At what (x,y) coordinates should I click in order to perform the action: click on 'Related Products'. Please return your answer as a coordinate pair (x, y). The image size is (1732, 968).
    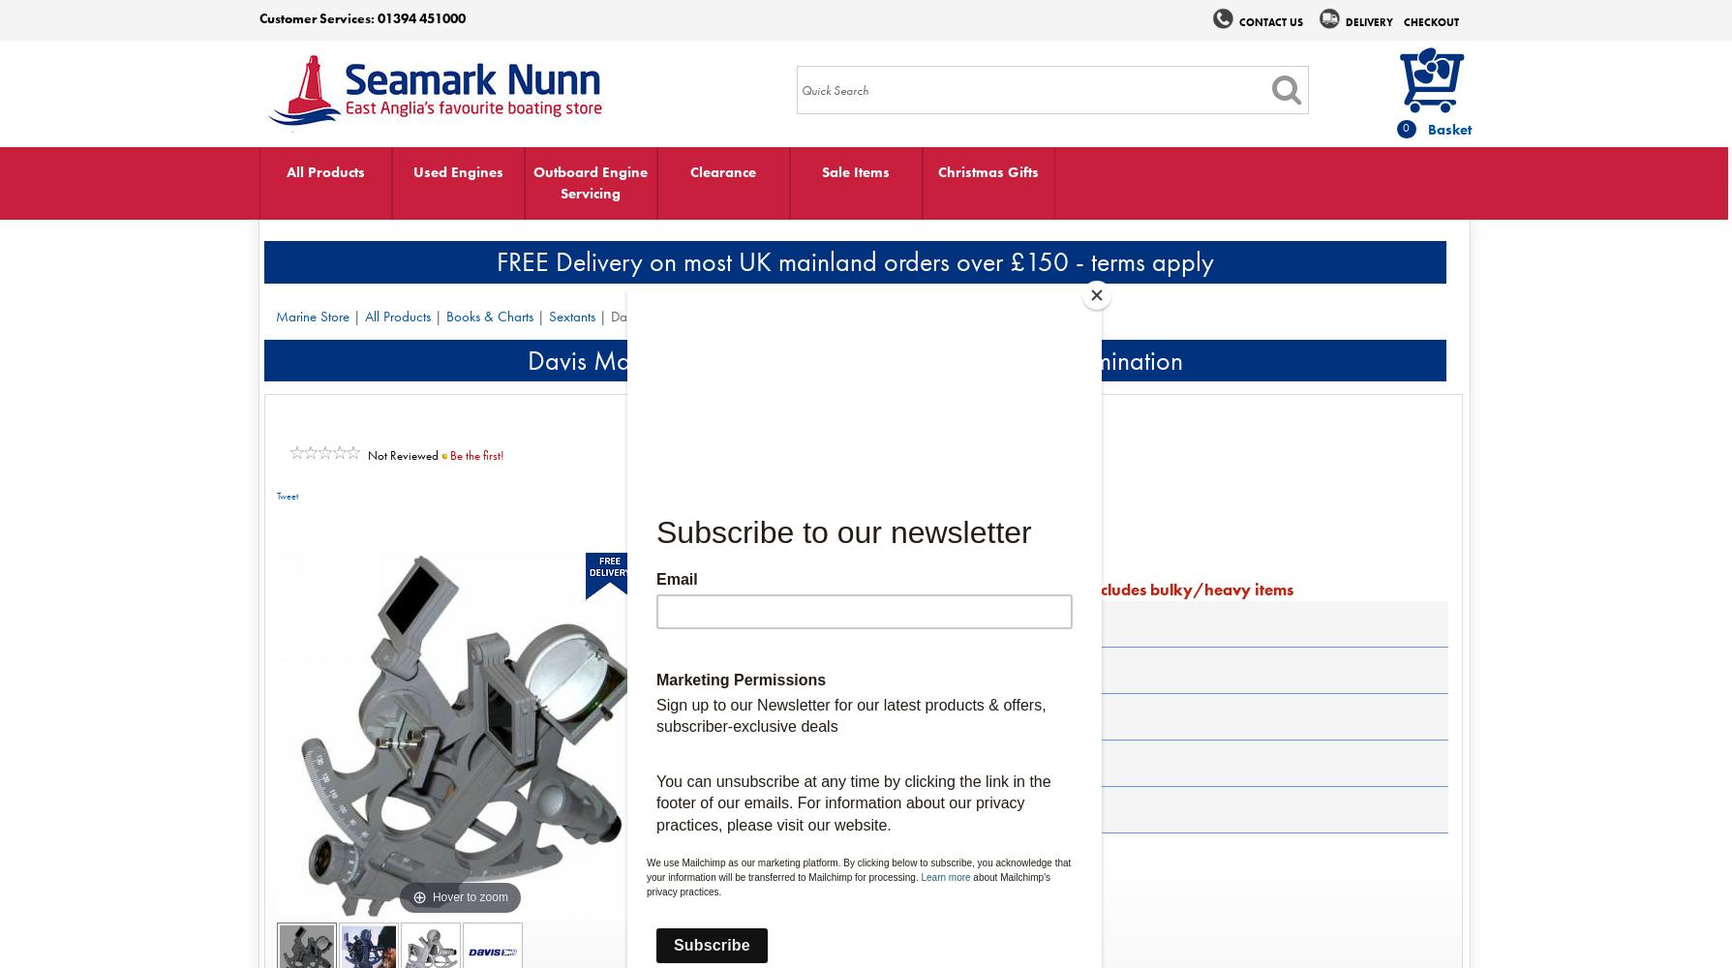
    Looking at the image, I should click on (744, 807).